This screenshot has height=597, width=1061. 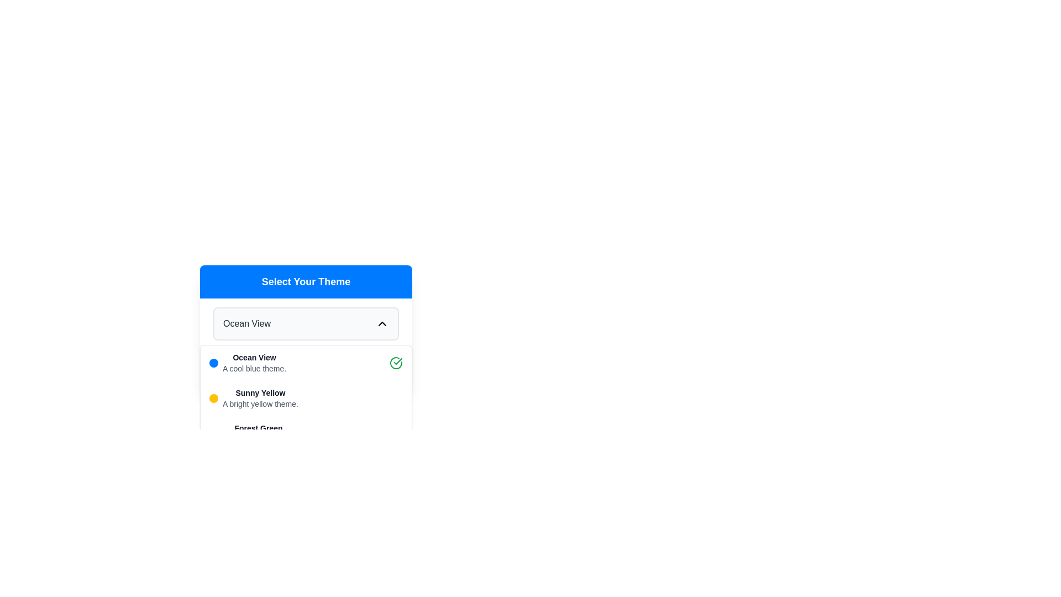 What do you see at coordinates (306, 399) in the screenshot?
I see `the 'Sunny Yellow' theme option in the theme selection dropdown menu` at bounding box center [306, 399].